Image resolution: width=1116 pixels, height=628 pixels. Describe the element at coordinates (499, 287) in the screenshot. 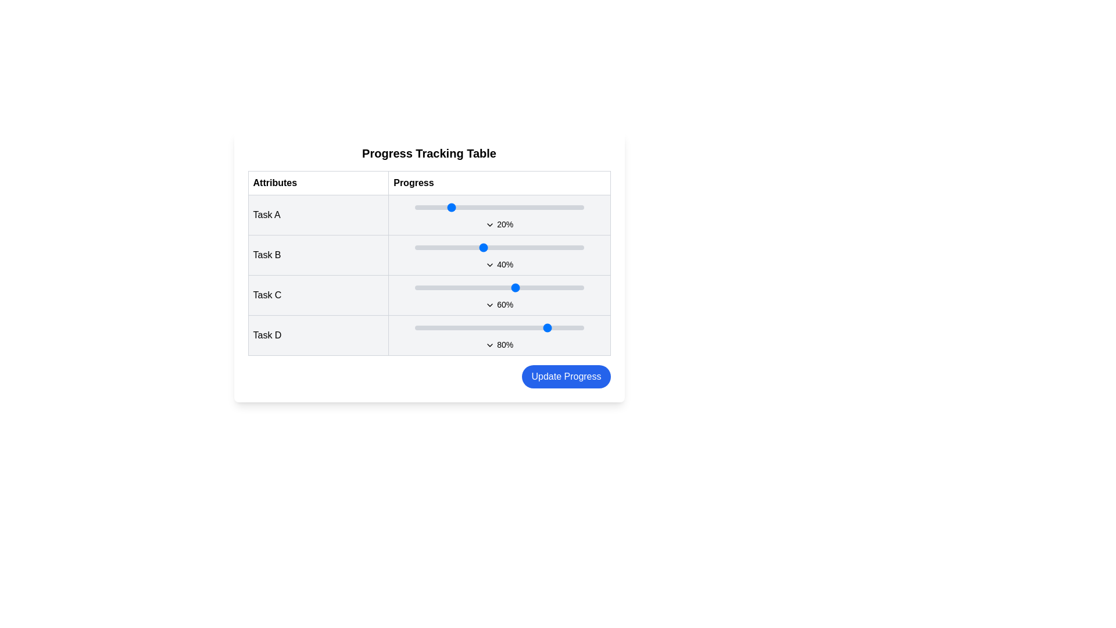

I see `the progress level` at that location.